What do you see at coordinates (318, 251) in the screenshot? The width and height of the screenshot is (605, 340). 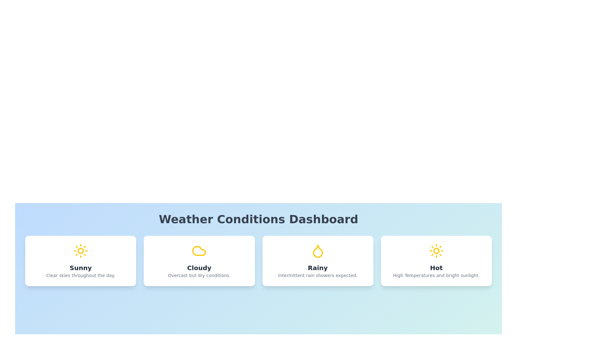 I see `the rainy weather icon located centrally within the third card from the left, which is above the text 'Rainy' and 'Intermittent rain showers expected.'` at bounding box center [318, 251].